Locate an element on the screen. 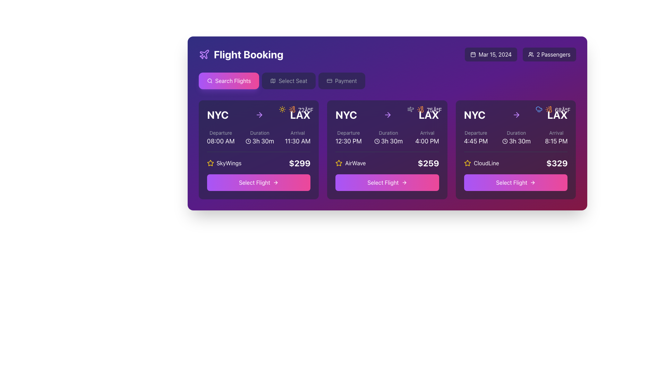  the bold '$329' text label, which is displayed in white font on a purple background, located towards the bottom-right corner of the flight card is located at coordinates (557, 163).